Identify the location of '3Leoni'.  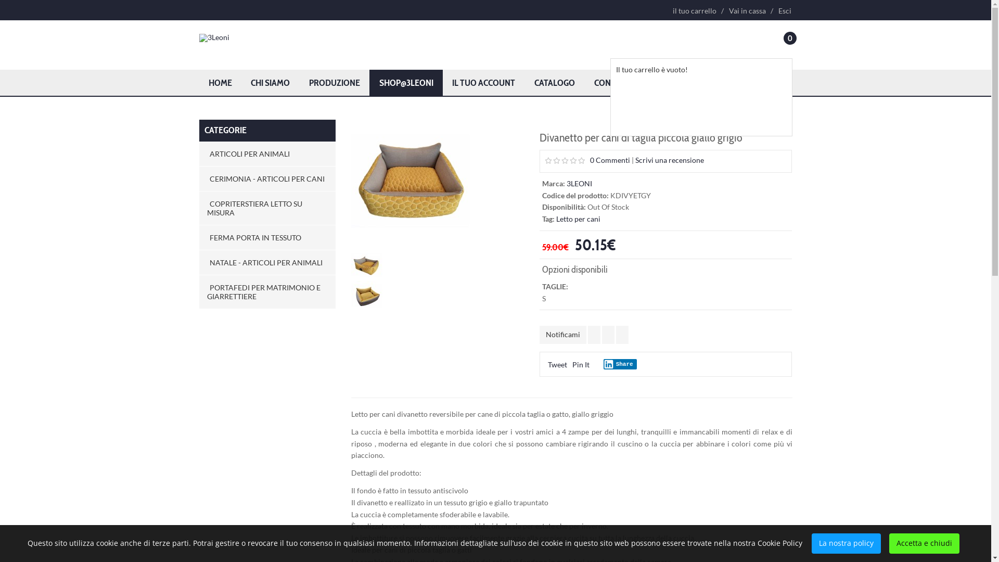
(213, 37).